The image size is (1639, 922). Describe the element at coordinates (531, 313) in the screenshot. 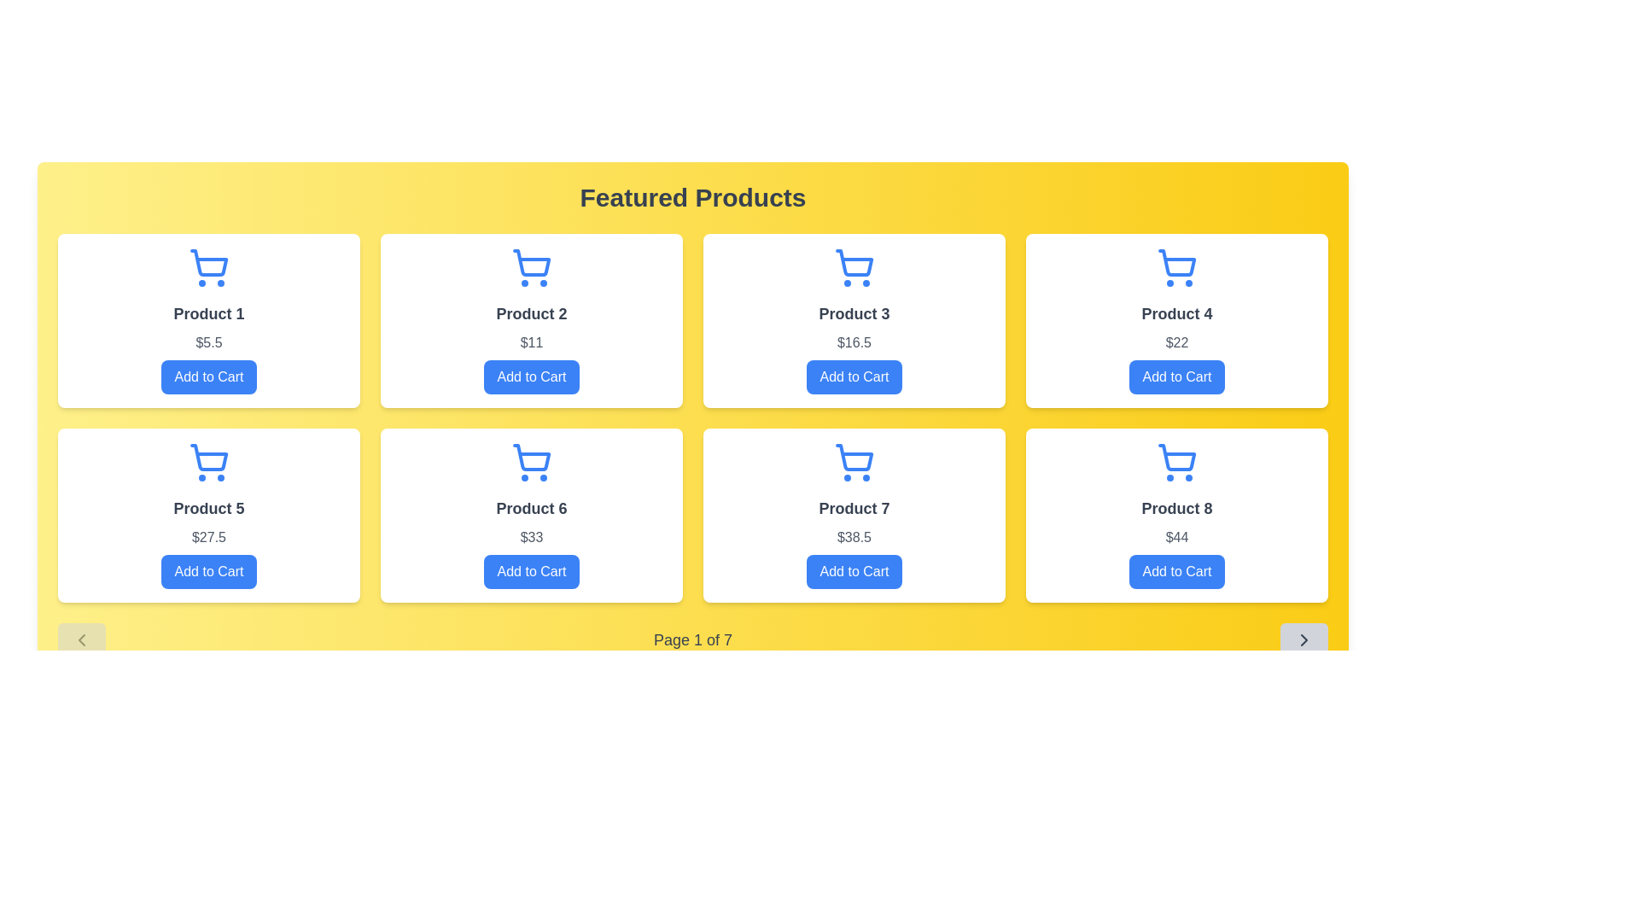

I see `the static text label displaying 'Product 2', which is prominently centered on the product card in the first row, second column of the grid layout` at that location.